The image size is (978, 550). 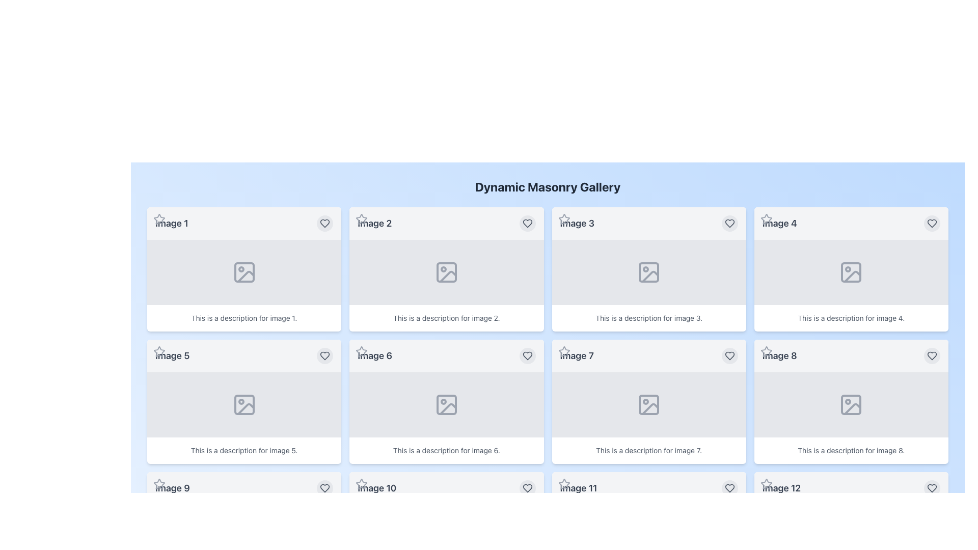 I want to click on the sixth card in the grid layout that displays information about 'Image 6,' which includes a descriptive title and an image placeholder icon, so click(x=446, y=401).